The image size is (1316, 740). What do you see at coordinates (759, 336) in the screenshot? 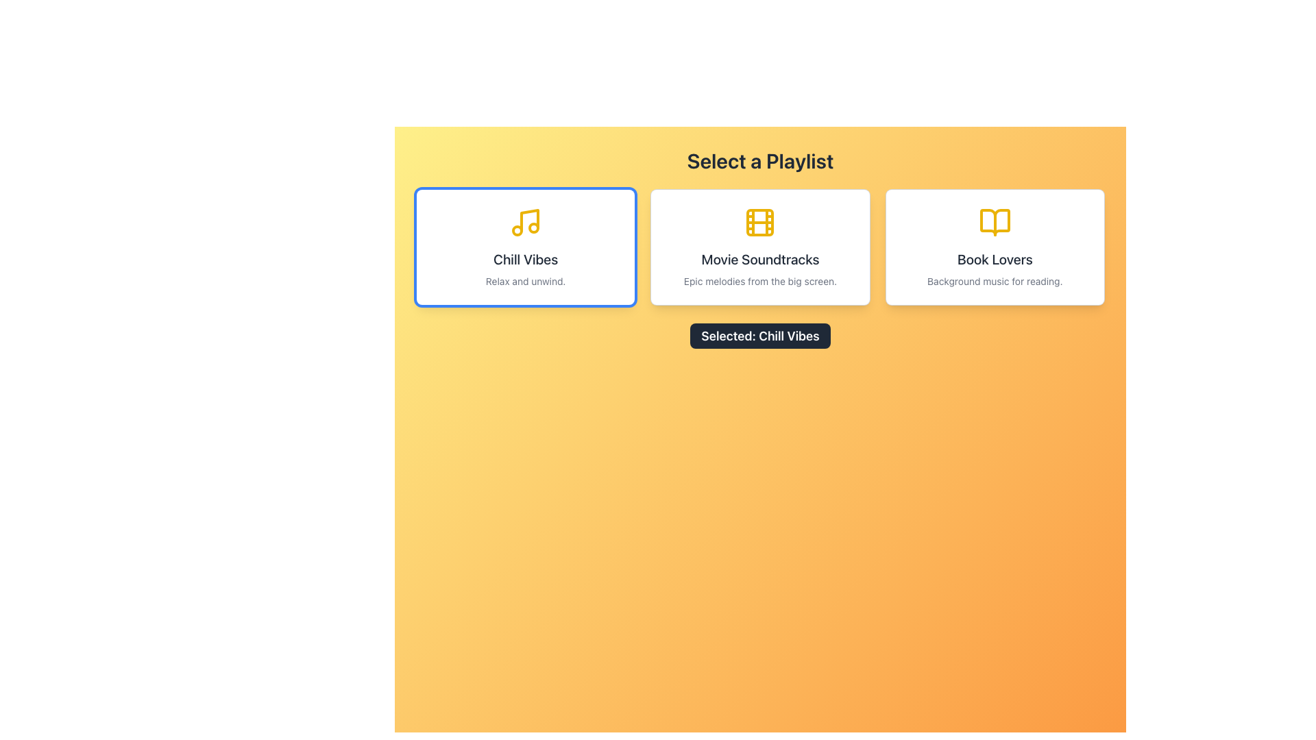
I see `the text display element that states 'Selected: Chill Vibes', which is styled with a bold font and white text on a rounded rectangular dark gray background, positioned below the playlist selection area` at bounding box center [759, 336].